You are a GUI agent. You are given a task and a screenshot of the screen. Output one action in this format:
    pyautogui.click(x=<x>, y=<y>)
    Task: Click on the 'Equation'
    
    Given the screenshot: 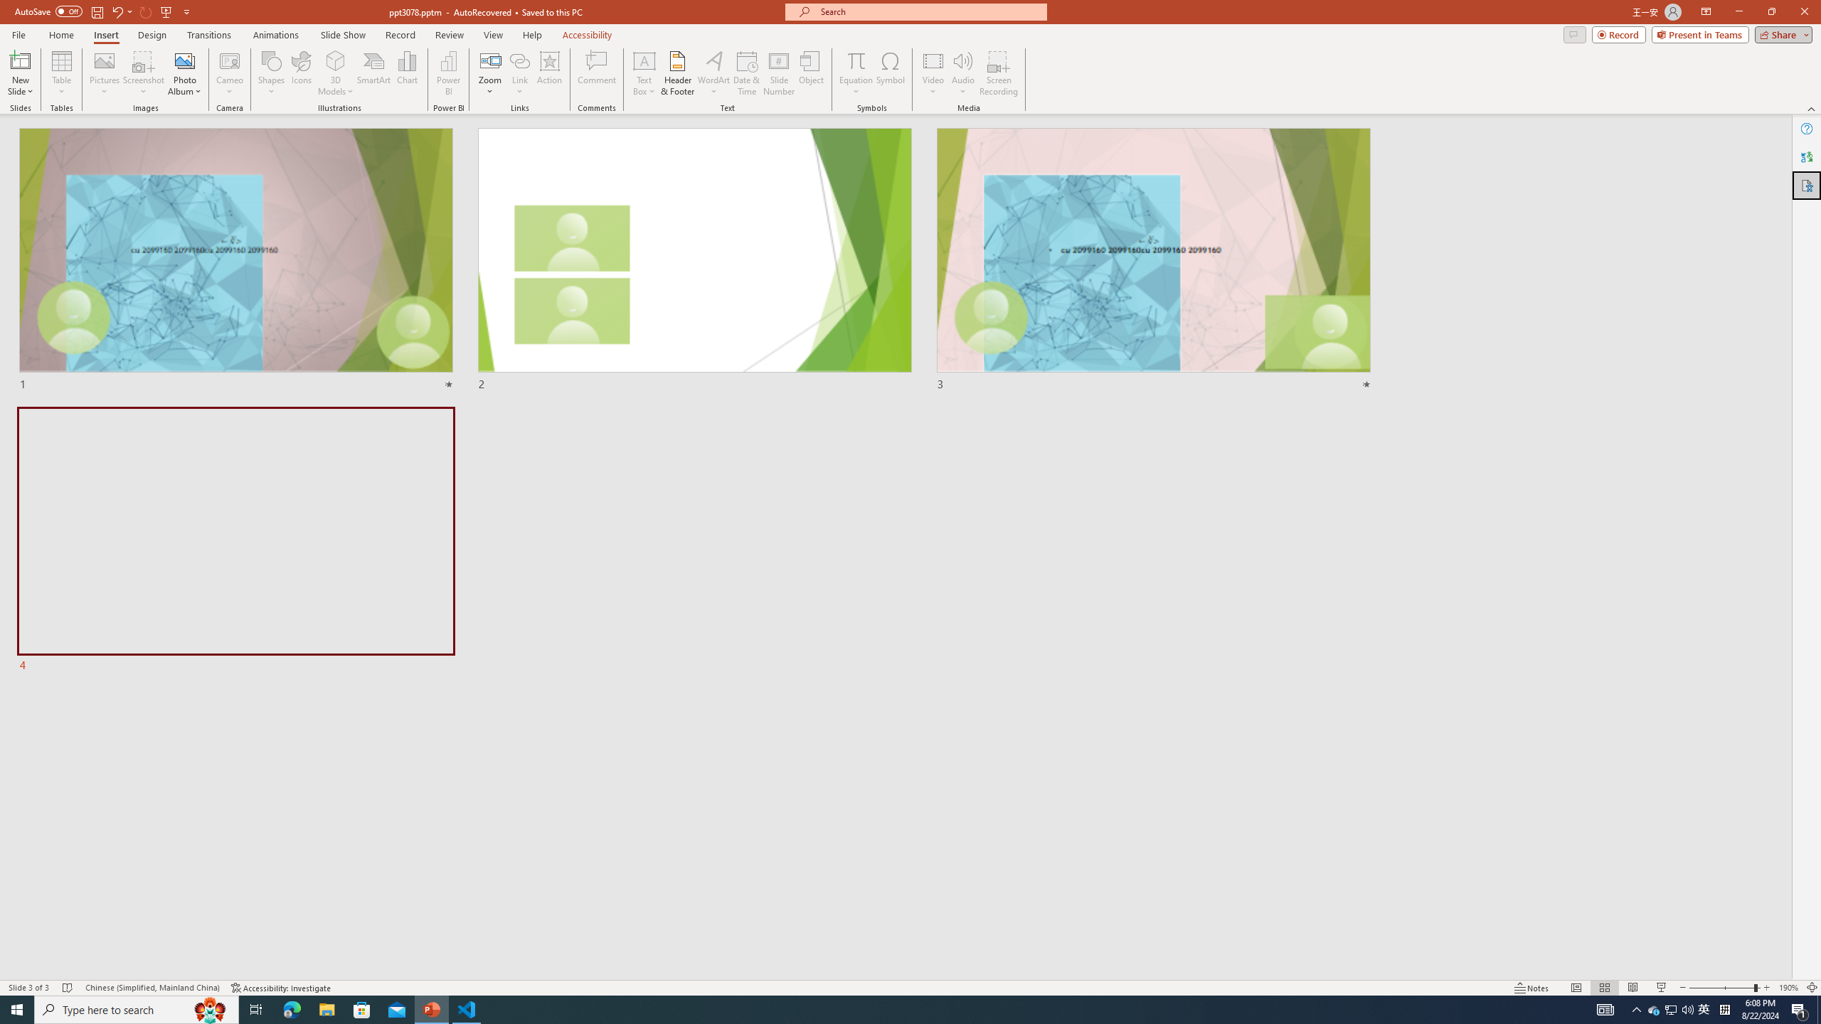 What is the action you would take?
    pyautogui.click(x=855, y=60)
    